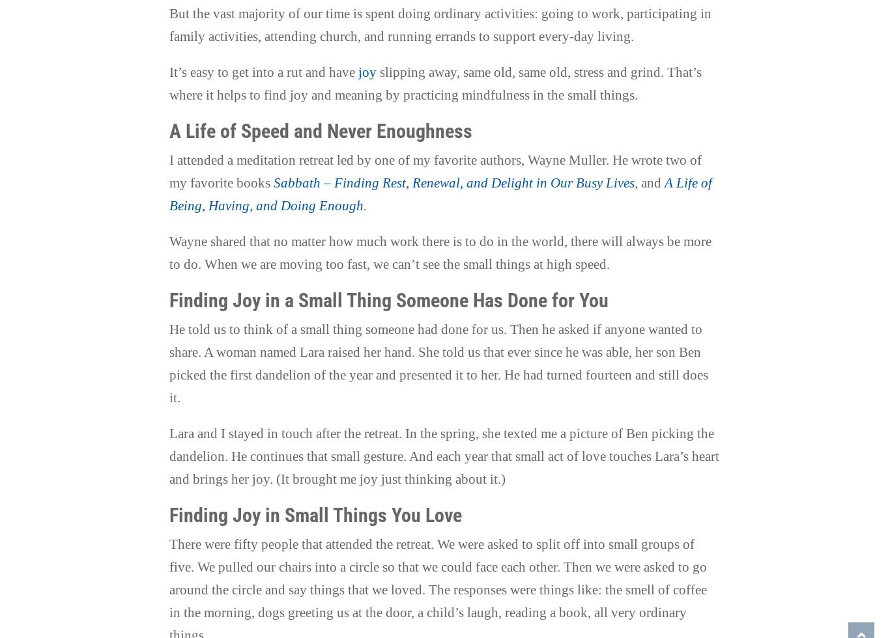 This screenshot has width=890, height=638. Describe the element at coordinates (357, 72) in the screenshot. I see `'joy'` at that location.